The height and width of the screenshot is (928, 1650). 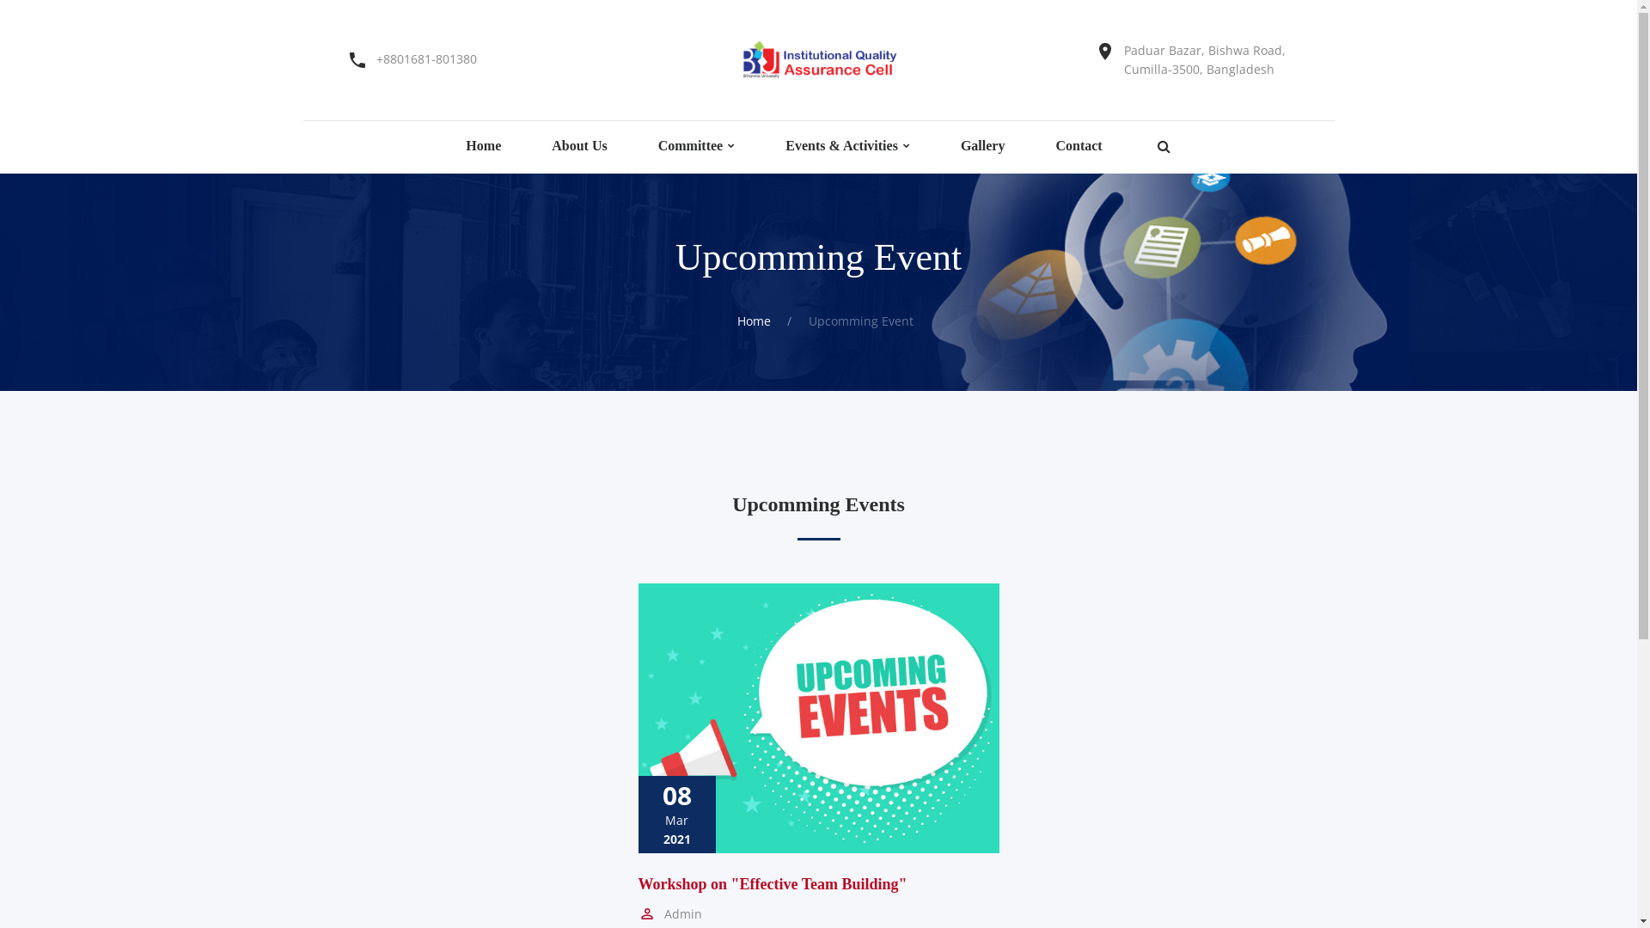 What do you see at coordinates (482, 144) in the screenshot?
I see `'Home'` at bounding box center [482, 144].